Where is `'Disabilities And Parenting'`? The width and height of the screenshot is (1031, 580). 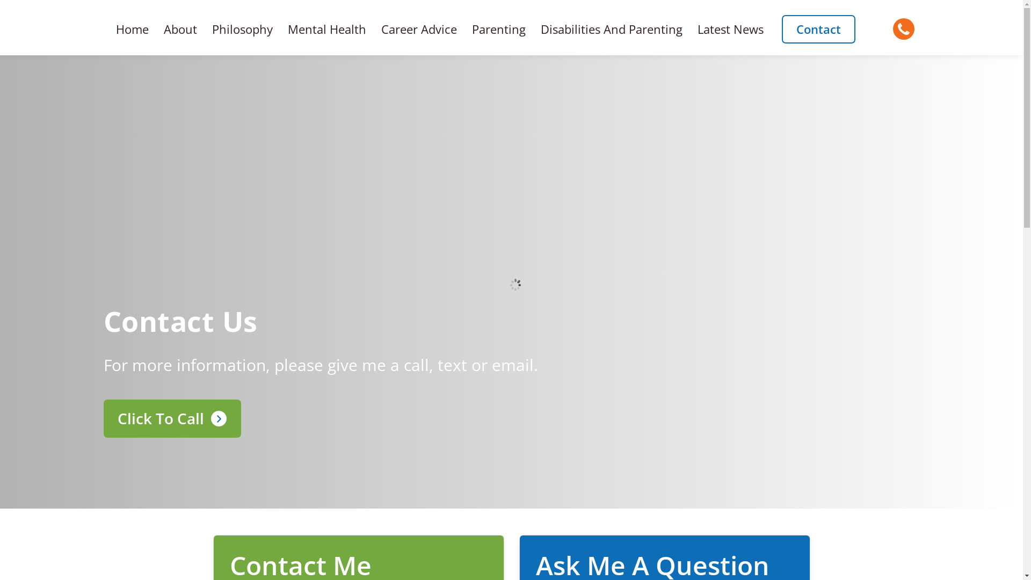 'Disabilities And Parenting' is located at coordinates (611, 28).